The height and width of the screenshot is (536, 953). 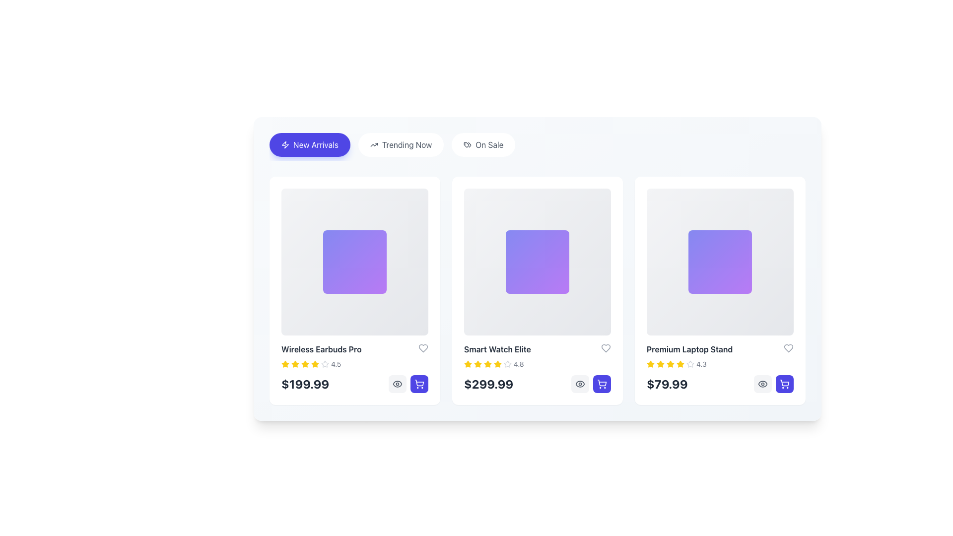 What do you see at coordinates (295, 364) in the screenshot?
I see `the third star icon representing the visual rating of the product 'Wireless Earbuds Pro' in the ratings section of the first card` at bounding box center [295, 364].